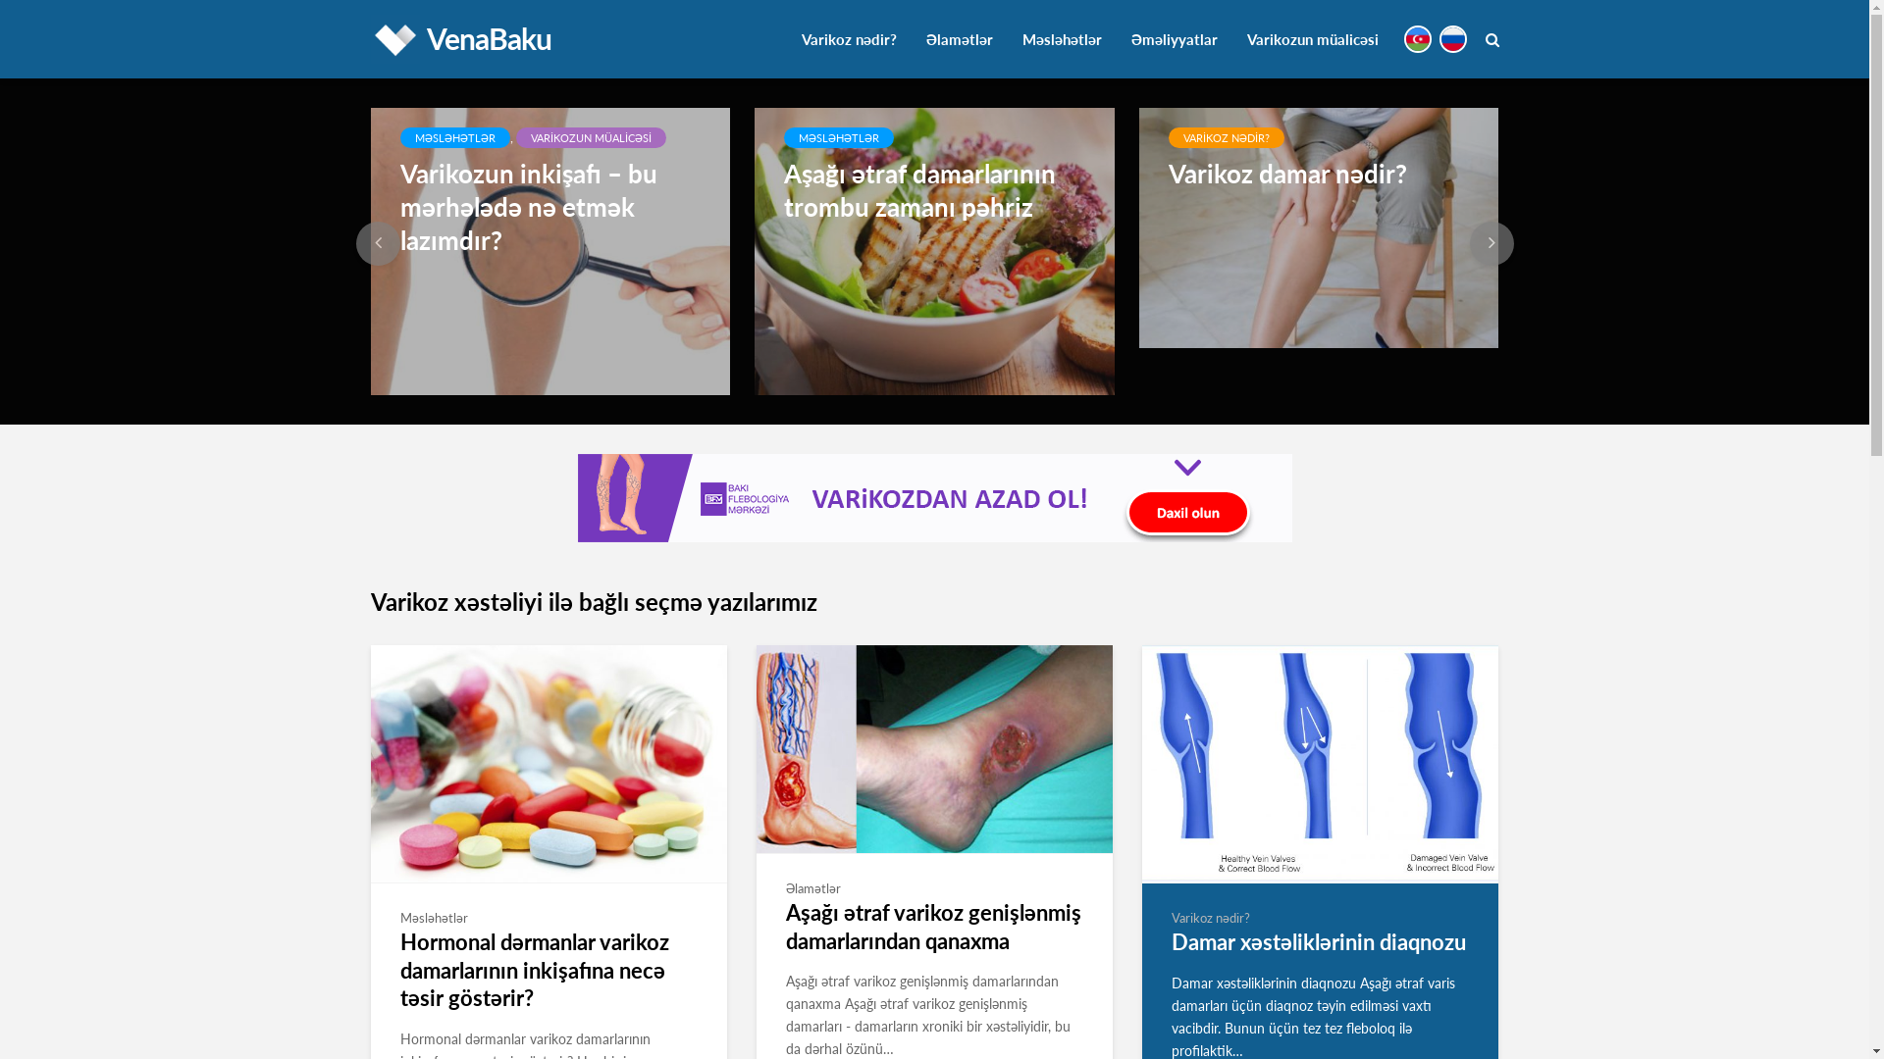  I want to click on 'VenaBaku', so click(488, 37).